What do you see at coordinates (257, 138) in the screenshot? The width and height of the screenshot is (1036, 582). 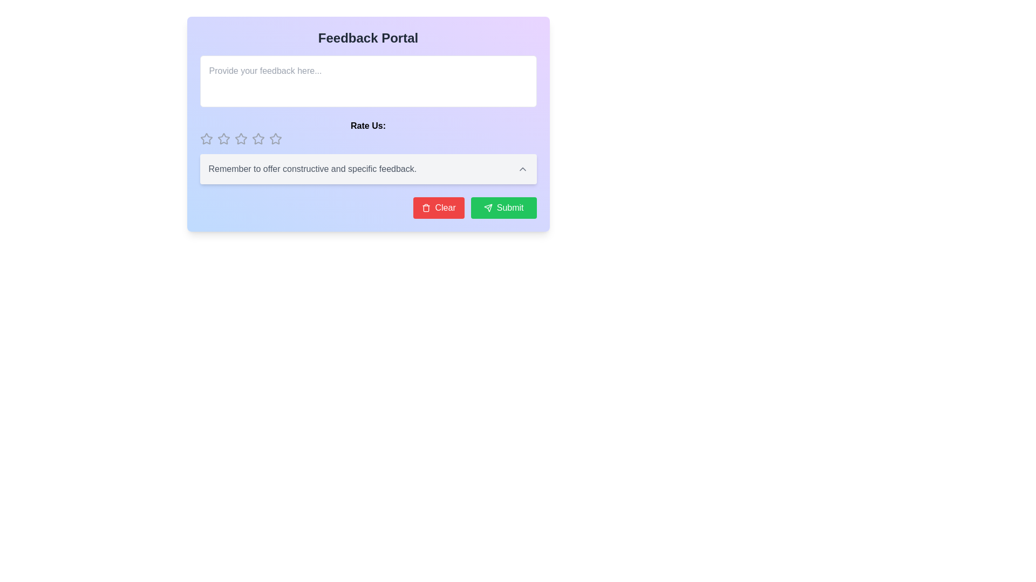 I see `the fifth star icon in the rating section below the 'Rate Us:' text field` at bounding box center [257, 138].